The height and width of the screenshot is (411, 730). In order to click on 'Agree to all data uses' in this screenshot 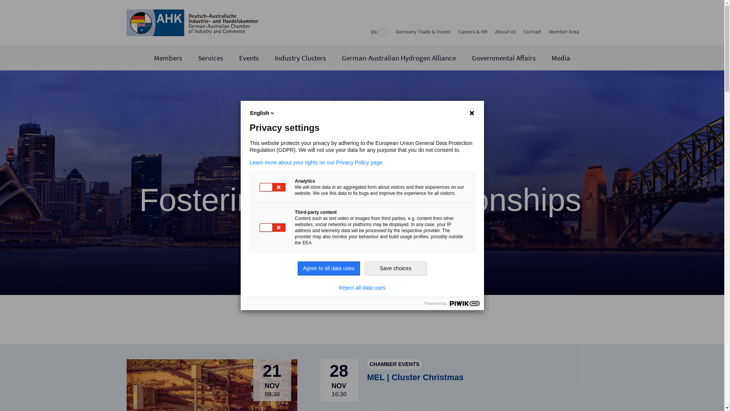, I will do `click(297, 268)`.